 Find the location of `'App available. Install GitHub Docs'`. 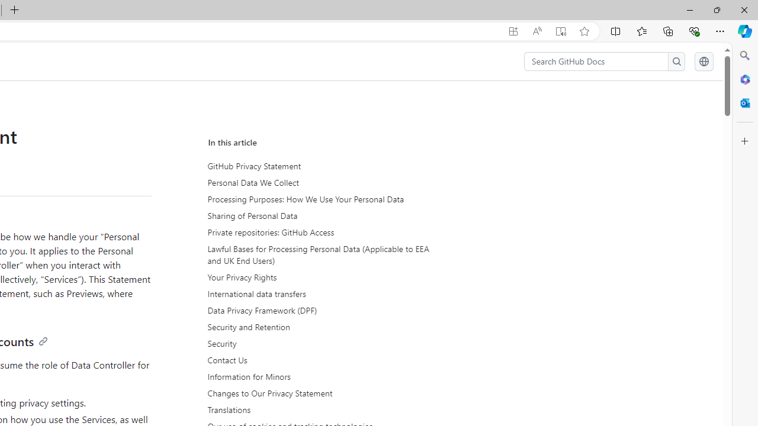

'App available. Install GitHub Docs' is located at coordinates (513, 31).